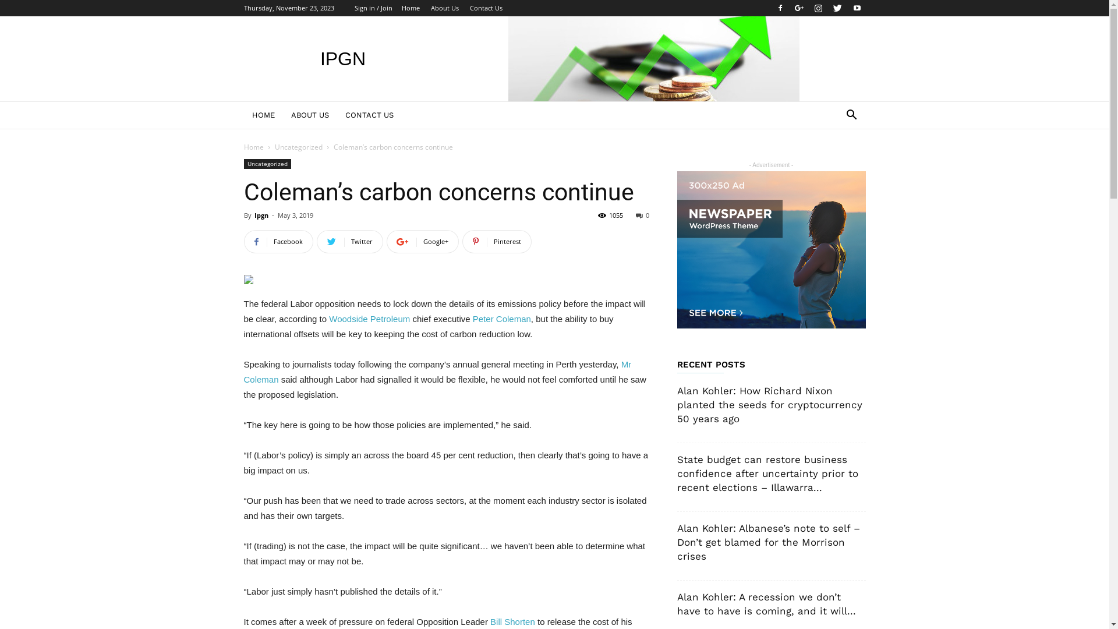 The height and width of the screenshot is (629, 1118). I want to click on 'Sign in / Join', so click(373, 8).